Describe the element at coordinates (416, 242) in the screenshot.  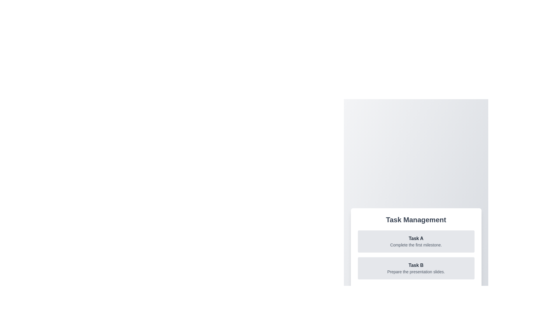
I see `the task item labeled 'Task A'` at that location.